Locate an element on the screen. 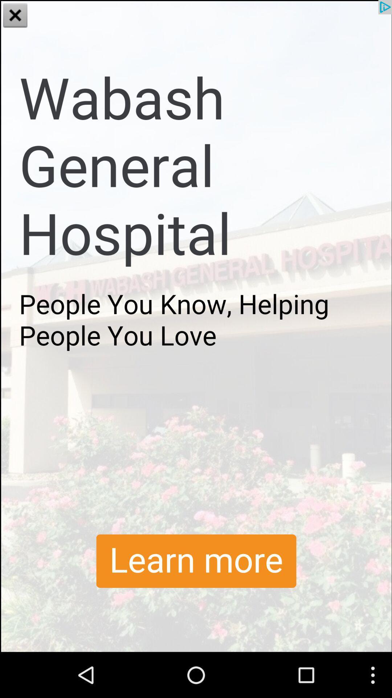 The width and height of the screenshot is (392, 698). the close icon is located at coordinates (15, 16).